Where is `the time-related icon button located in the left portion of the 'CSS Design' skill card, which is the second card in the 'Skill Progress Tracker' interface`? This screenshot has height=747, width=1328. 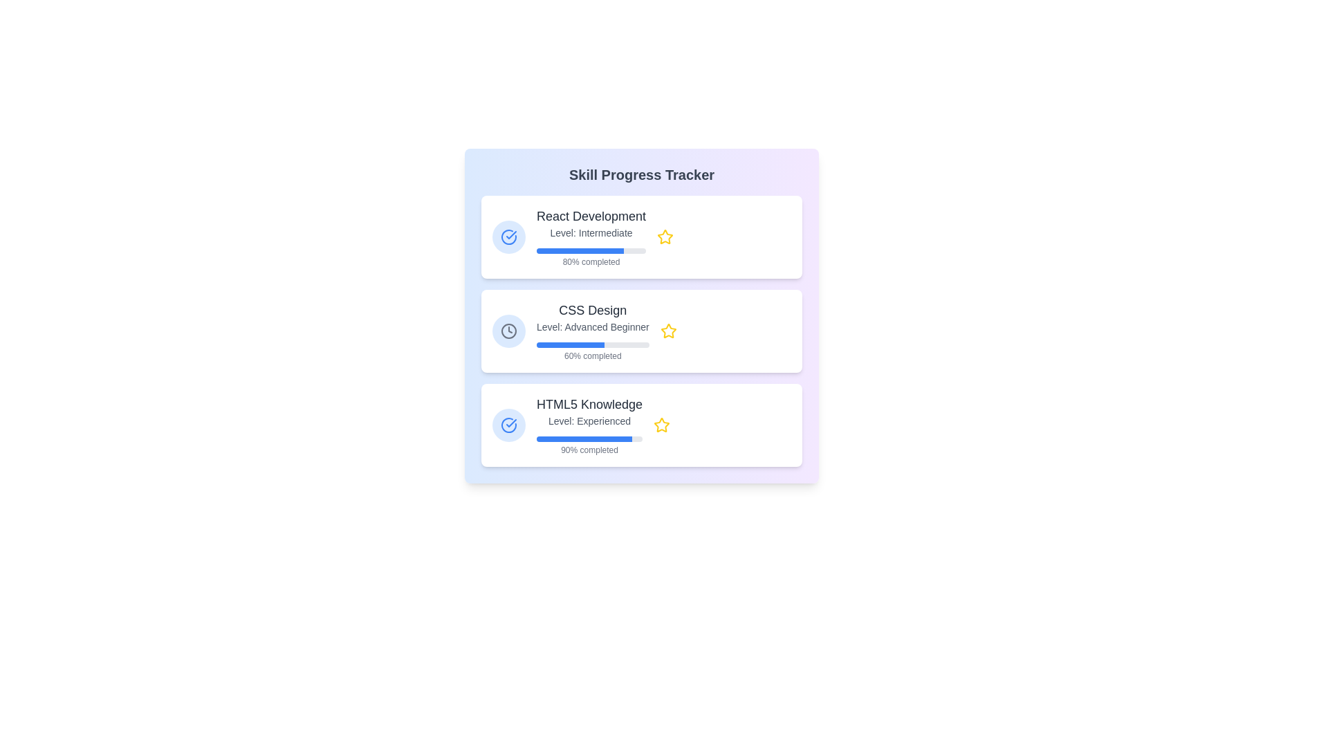 the time-related icon button located in the left portion of the 'CSS Design' skill card, which is the second card in the 'Skill Progress Tracker' interface is located at coordinates (508, 331).